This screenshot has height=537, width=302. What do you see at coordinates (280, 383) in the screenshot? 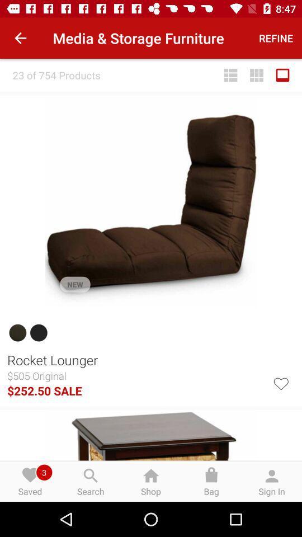
I see `to favorites` at bounding box center [280, 383].